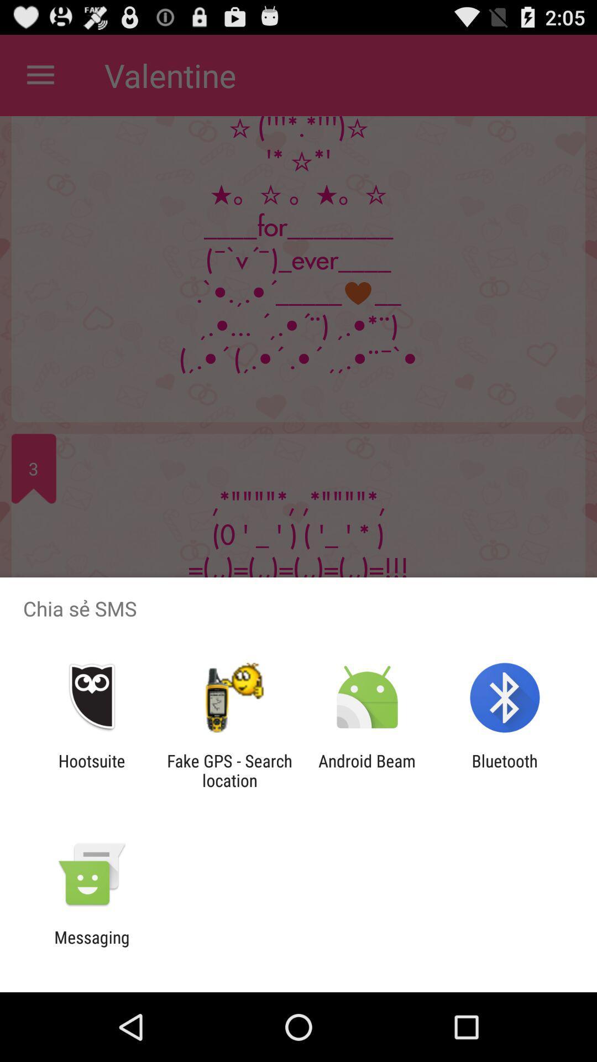 This screenshot has width=597, height=1062. What do you see at coordinates (367, 770) in the screenshot?
I see `android beam icon` at bounding box center [367, 770].